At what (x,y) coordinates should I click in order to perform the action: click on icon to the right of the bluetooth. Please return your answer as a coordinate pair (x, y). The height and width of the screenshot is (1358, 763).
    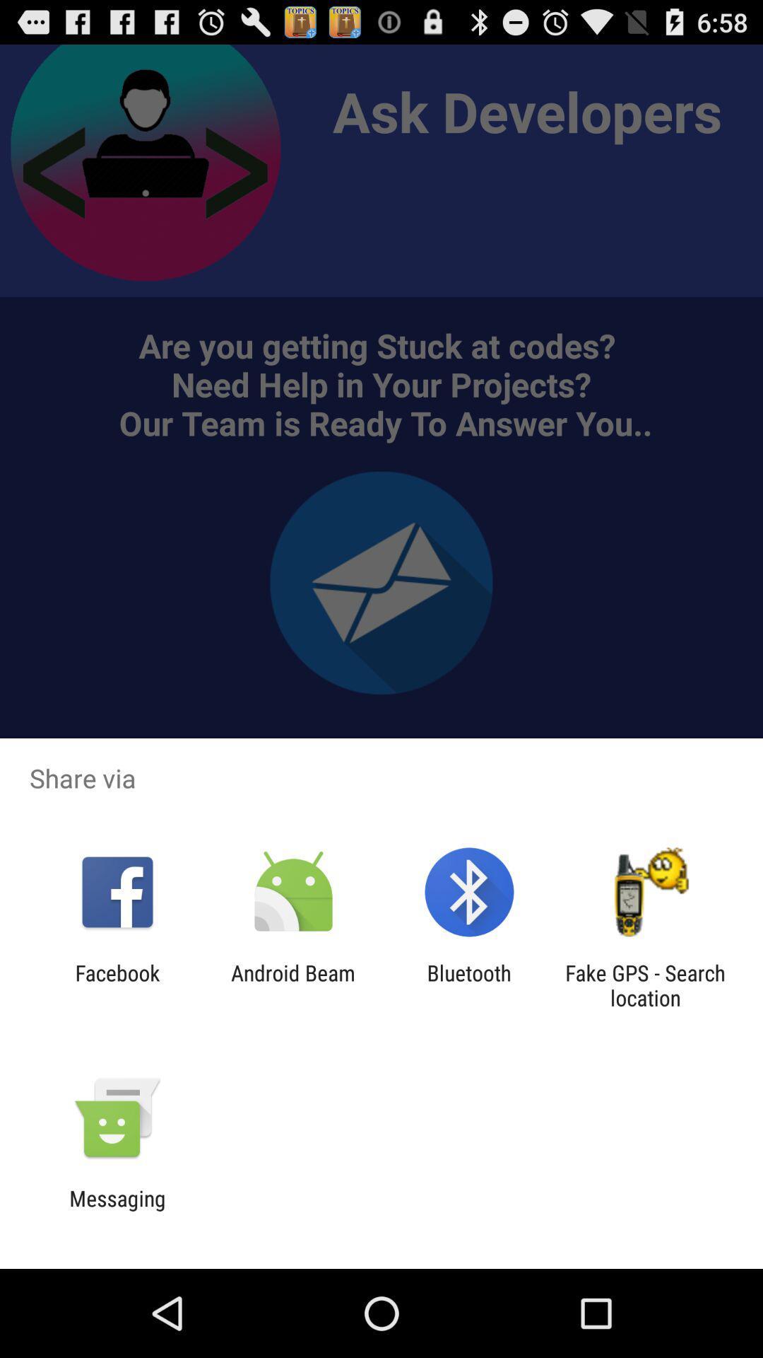
    Looking at the image, I should click on (645, 985).